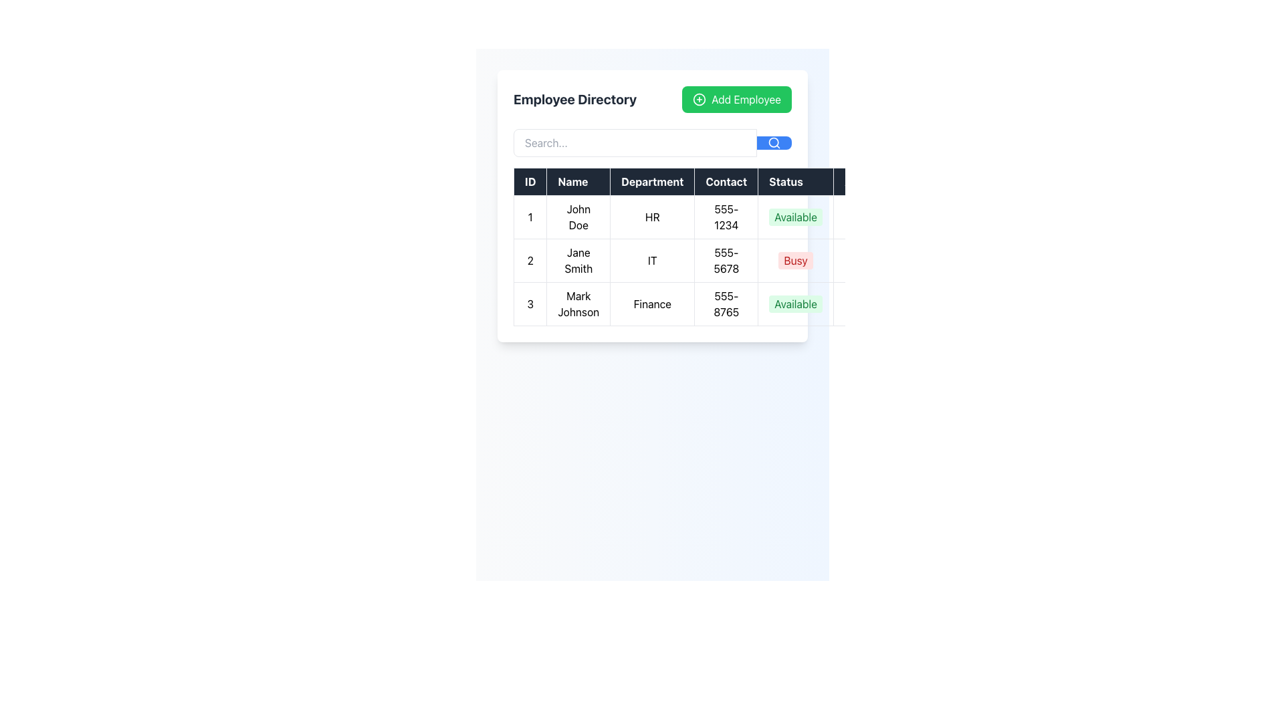 Image resolution: width=1284 pixels, height=722 pixels. What do you see at coordinates (578, 260) in the screenshot?
I see `the text field displaying 'Jane Smith' in the second row under the 'Name' column of the table, which is located between '2' and 'IT'` at bounding box center [578, 260].